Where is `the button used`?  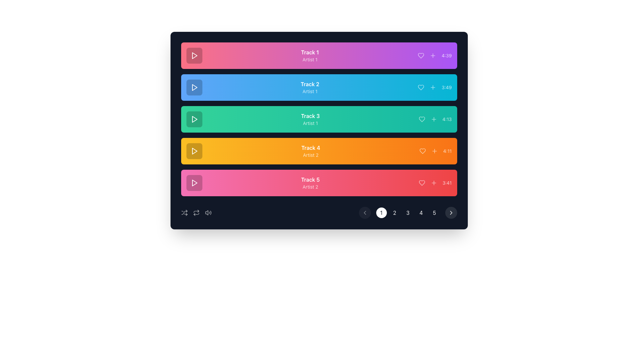
the button used is located at coordinates (433, 87).